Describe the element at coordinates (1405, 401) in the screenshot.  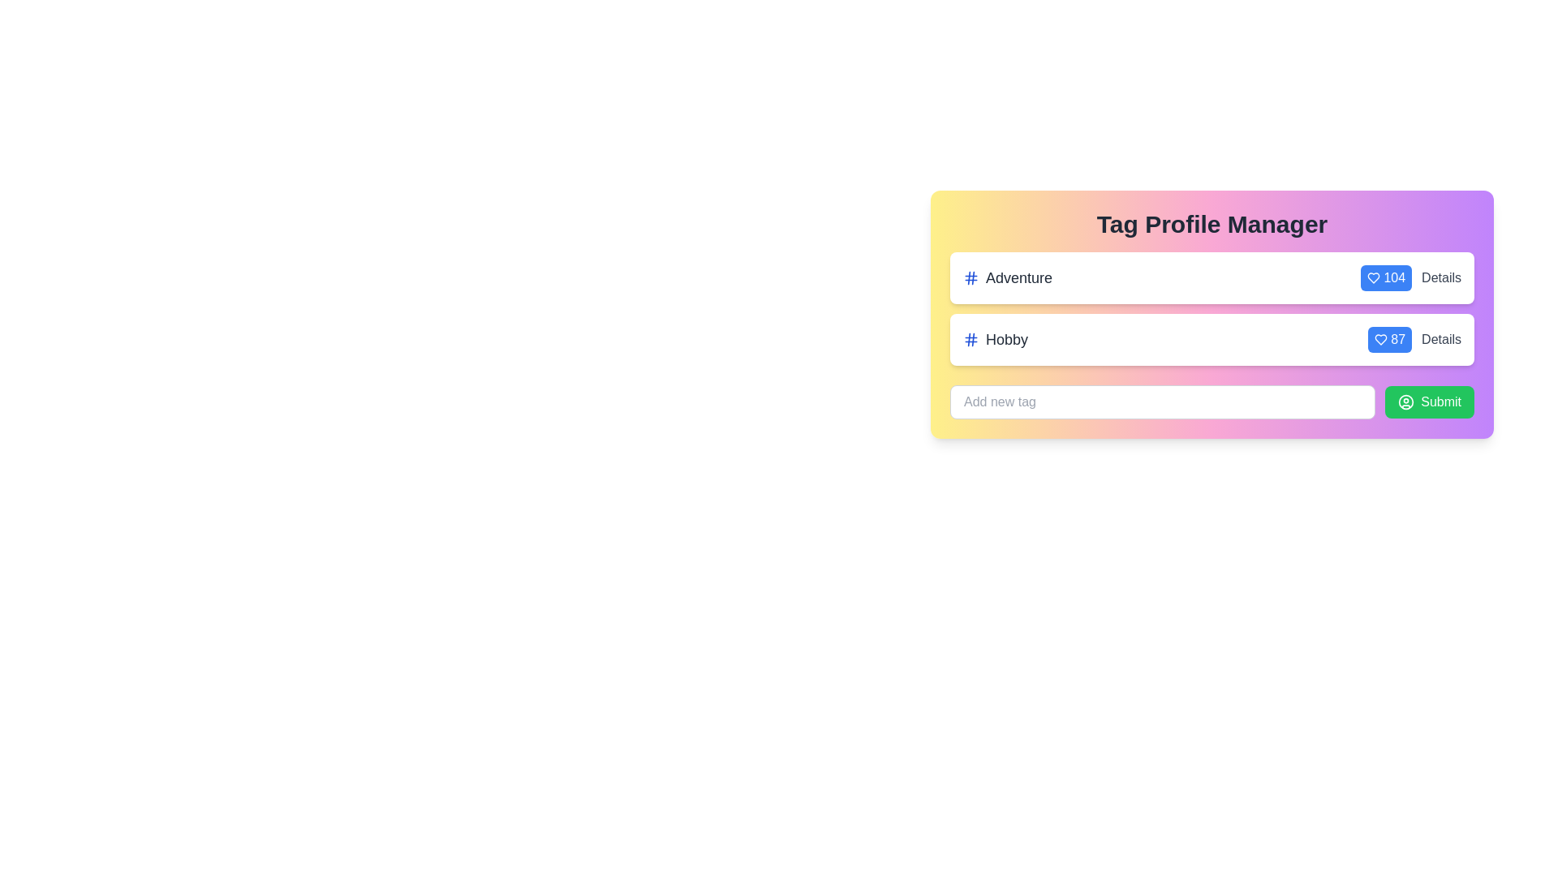
I see `the circular outline element that is part of a user profile SVG icon located at the bottom-right corner of the interface, adjacent to a green 'Submit' button` at that location.